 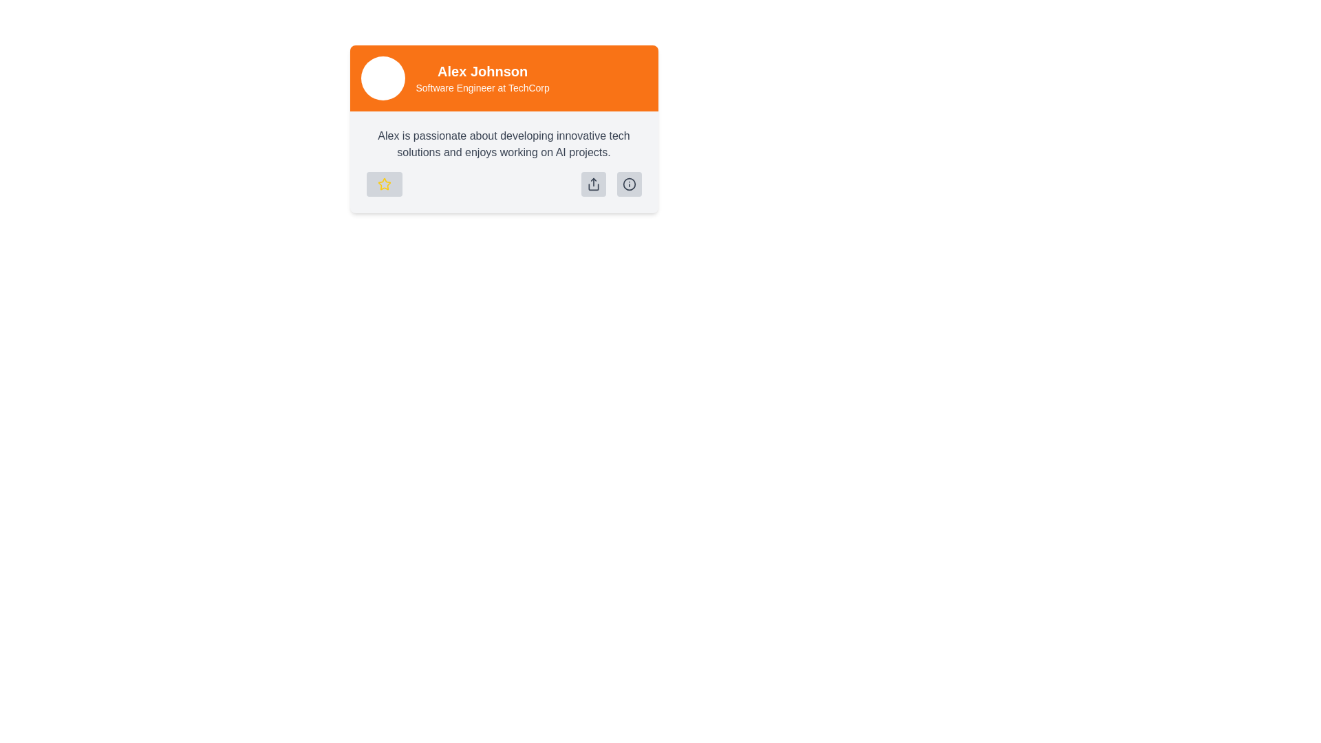 What do you see at coordinates (628, 183) in the screenshot?
I see `the circular graphical vector element located at the bottom right corner of the profile card` at bounding box center [628, 183].